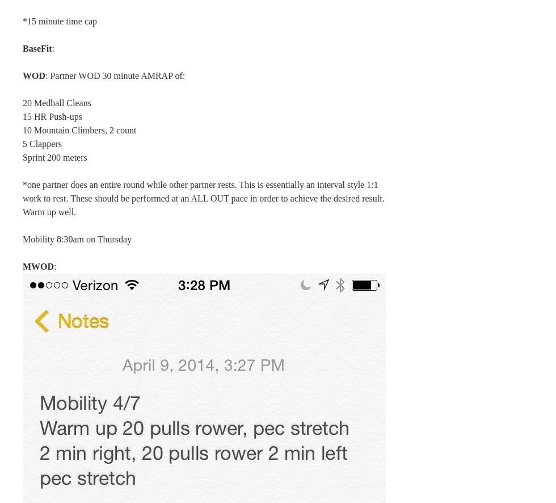 This screenshot has height=503, width=556. What do you see at coordinates (41, 143) in the screenshot?
I see `'5 Clappers'` at bounding box center [41, 143].